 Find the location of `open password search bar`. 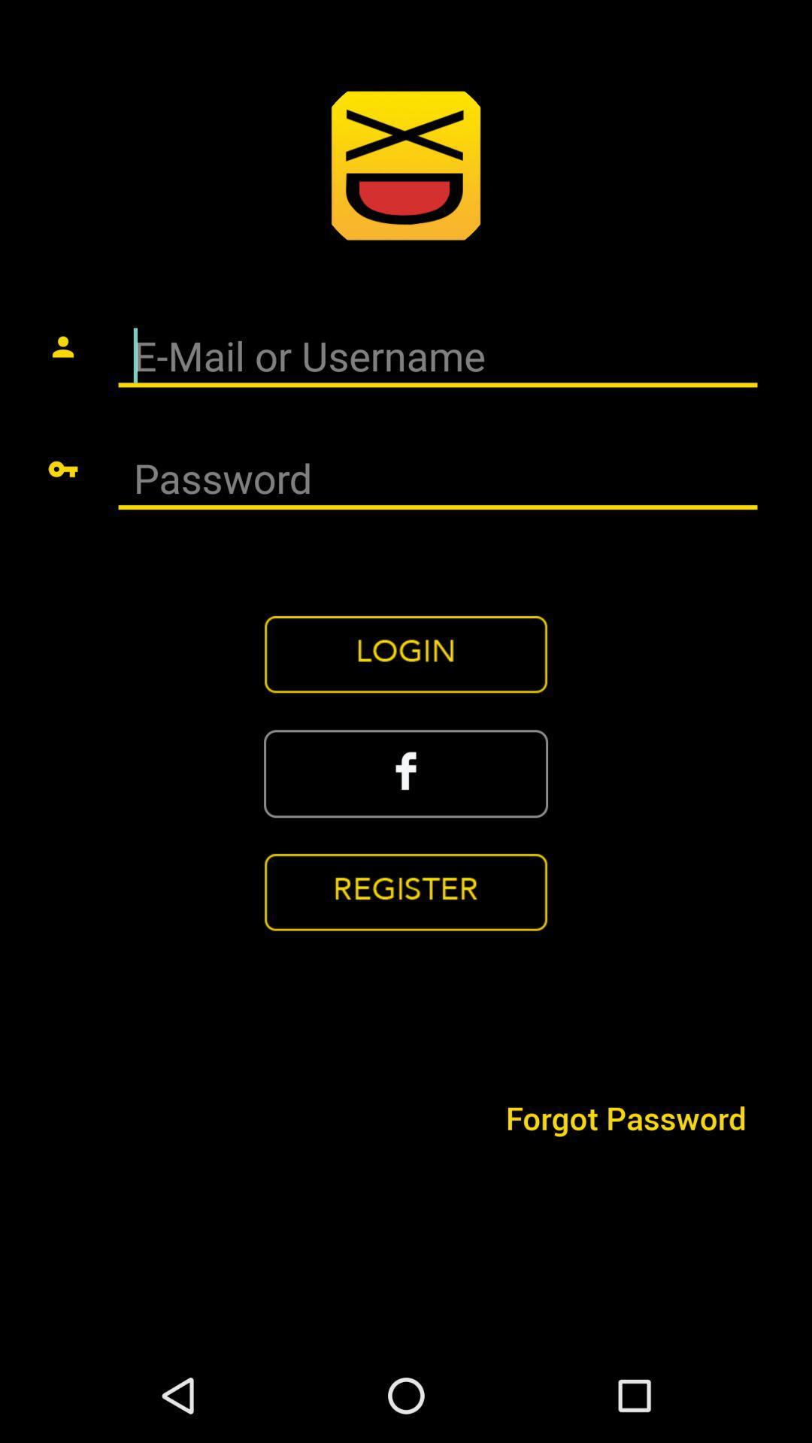

open password search bar is located at coordinates (438, 479).